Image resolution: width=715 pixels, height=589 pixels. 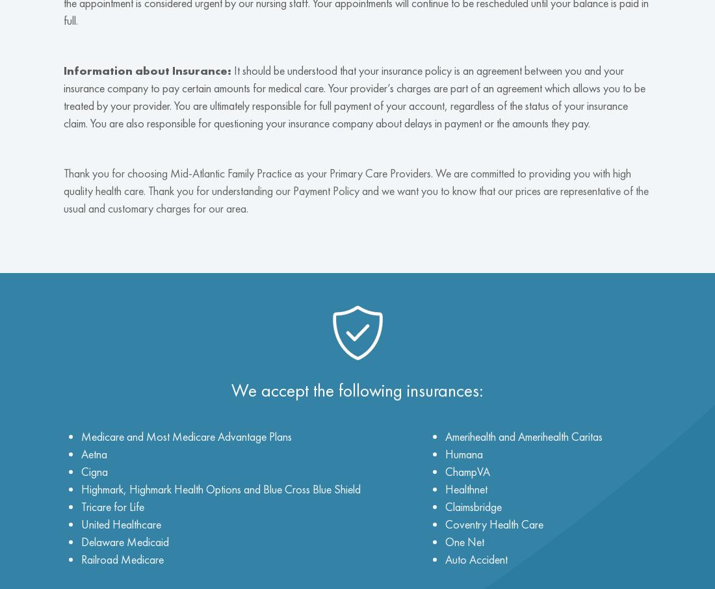 I want to click on 'Delaware Medicaid', so click(x=124, y=540).